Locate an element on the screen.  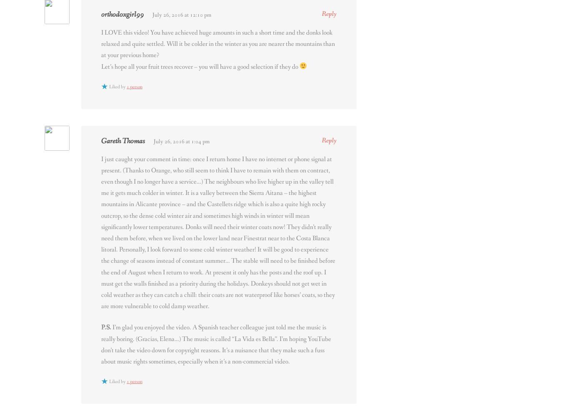
'P.S.' is located at coordinates (106, 327).